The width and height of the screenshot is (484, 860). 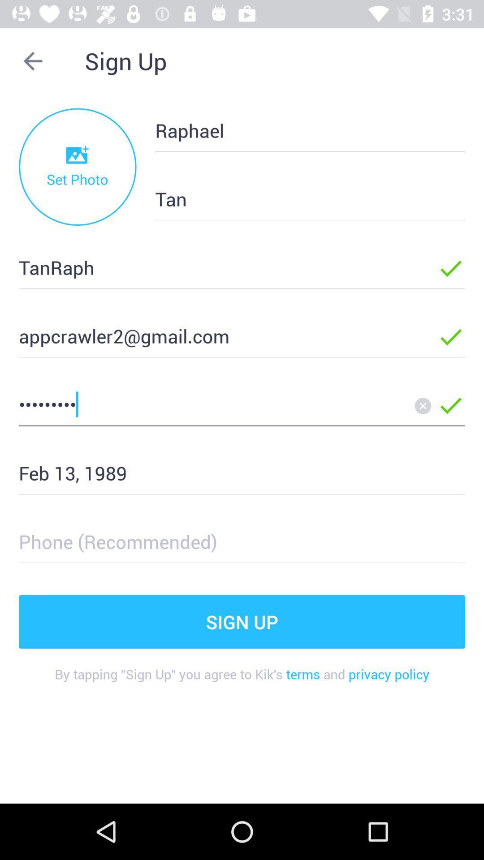 What do you see at coordinates (214, 335) in the screenshot?
I see `the appcrawler2@gmail.com` at bounding box center [214, 335].